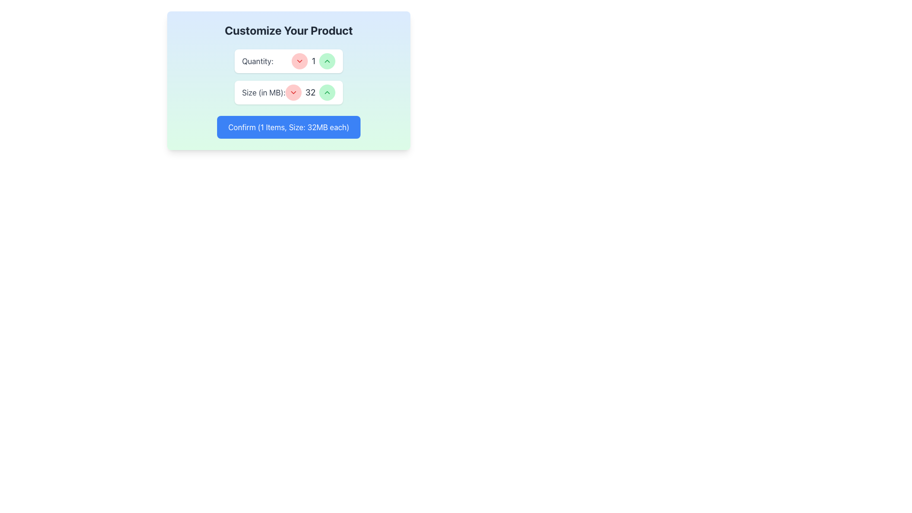 The height and width of the screenshot is (513, 912). What do you see at coordinates (310, 93) in the screenshot?
I see `the text element displaying the number '32' which is styled with a large font size and gray color, located between a red button with a downward chevron and a green button with an upward chevron in the 'Size (in MB):' section` at bounding box center [310, 93].